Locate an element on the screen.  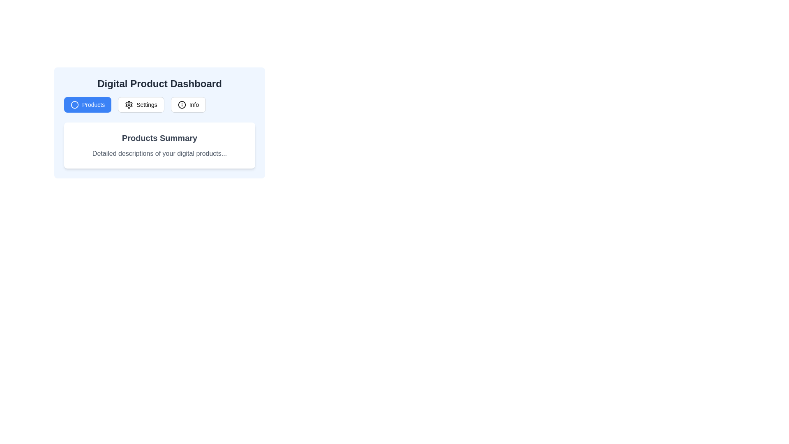
the settings button located in the horizontal row beneath 'Digital Product Dashboard', positioned second from the left between 'Products' and 'Info' is located at coordinates (141, 104).